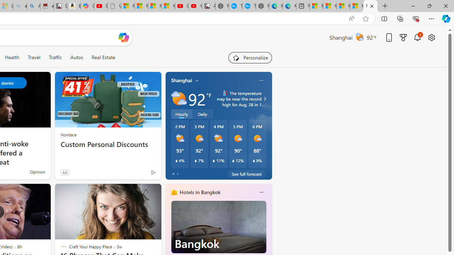 Image resolution: width=454 pixels, height=255 pixels. What do you see at coordinates (68, 135) in the screenshot?
I see `'Nordace'` at bounding box center [68, 135].